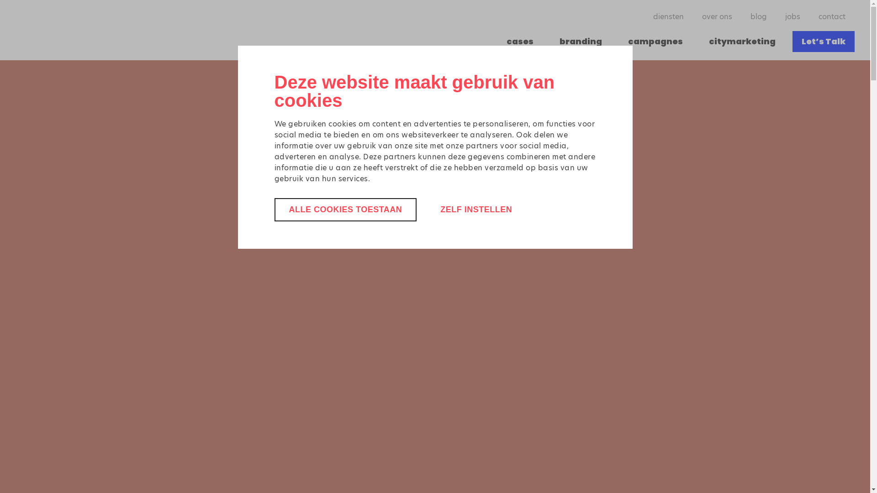  What do you see at coordinates (742, 42) in the screenshot?
I see `'citymarketing'` at bounding box center [742, 42].